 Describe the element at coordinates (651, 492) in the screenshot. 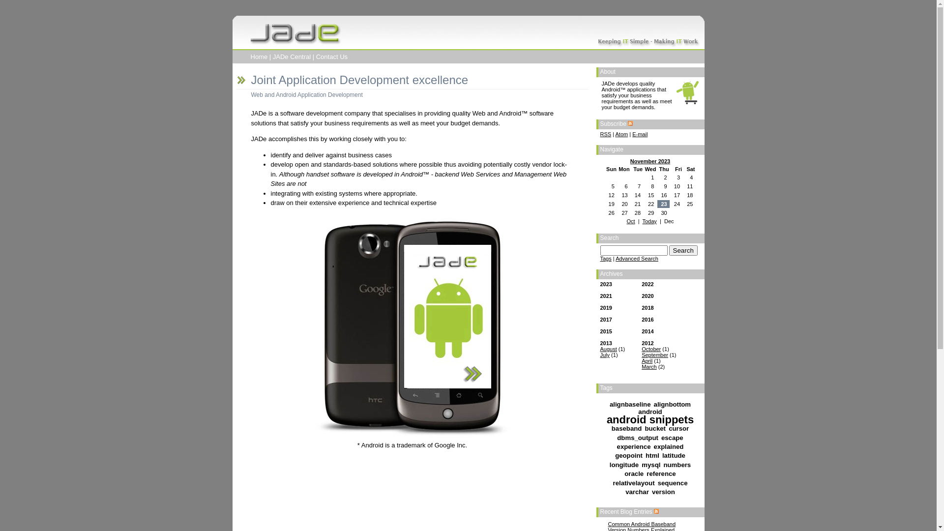

I see `'version'` at that location.